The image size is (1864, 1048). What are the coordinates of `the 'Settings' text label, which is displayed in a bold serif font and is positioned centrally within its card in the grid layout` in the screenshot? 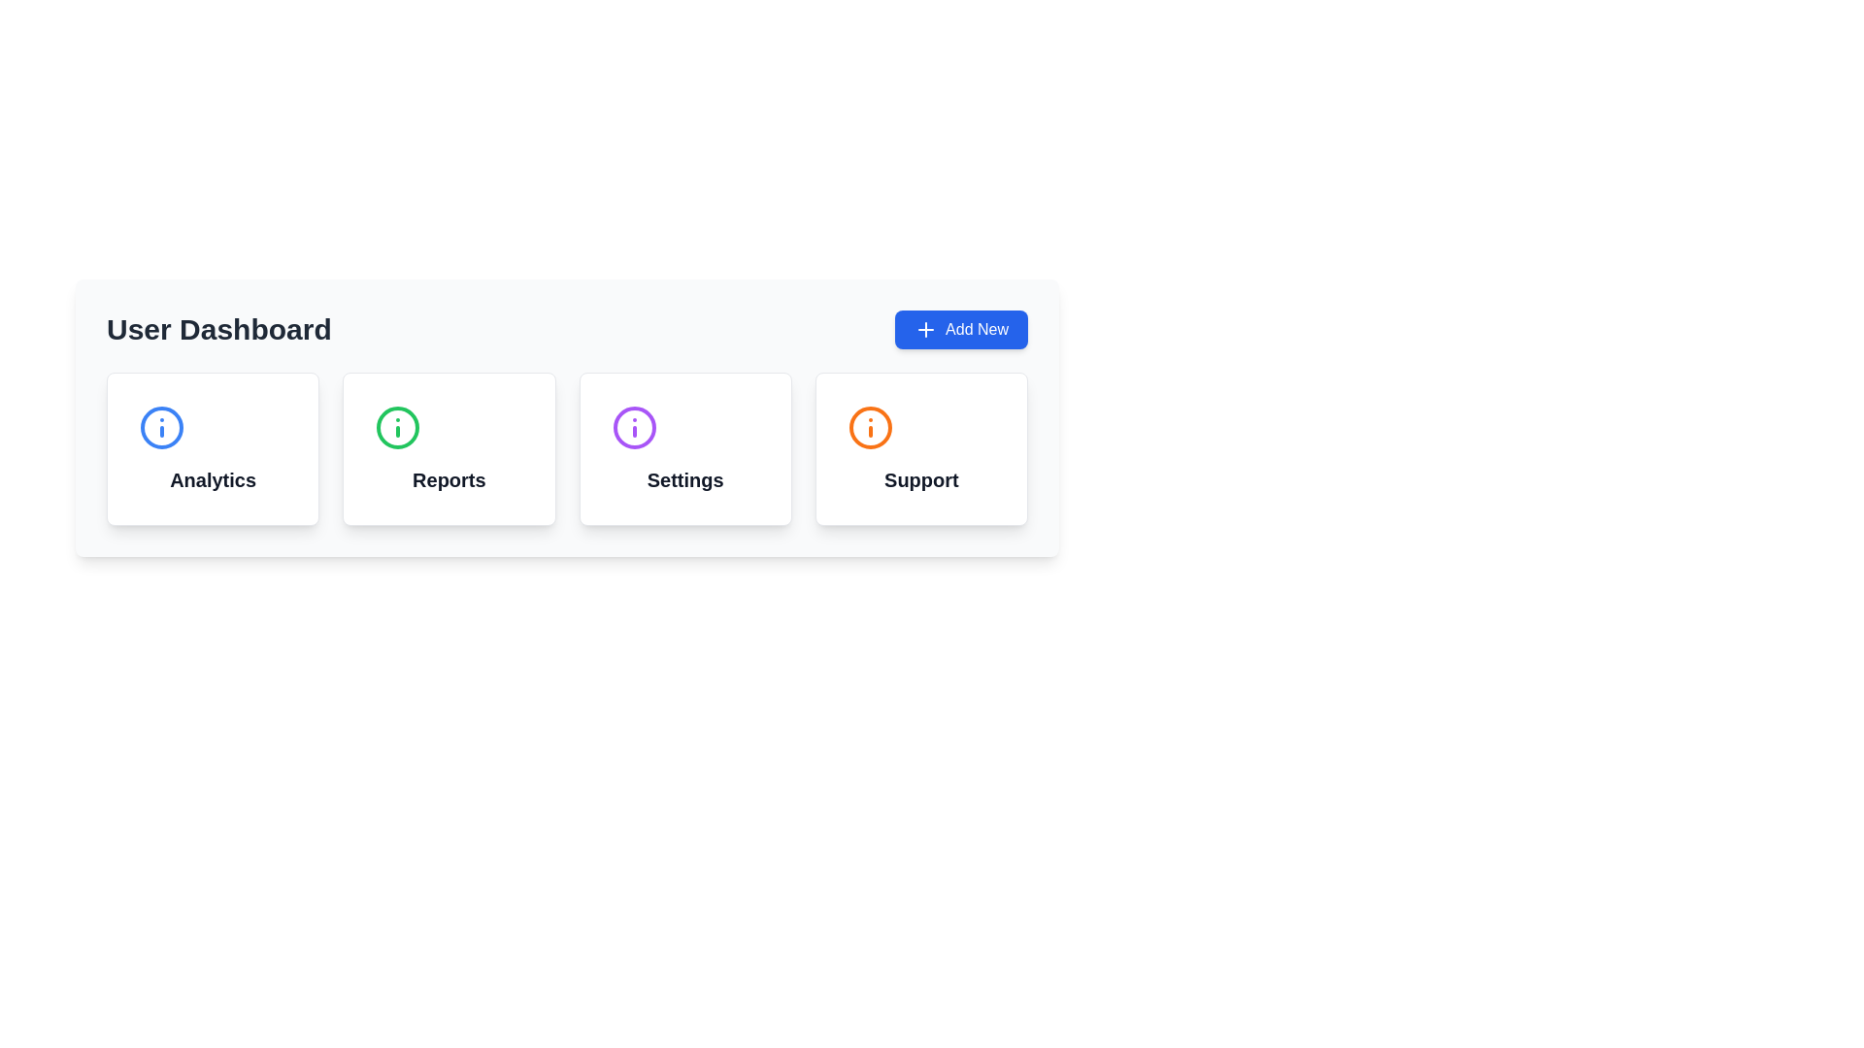 It's located at (685, 479).